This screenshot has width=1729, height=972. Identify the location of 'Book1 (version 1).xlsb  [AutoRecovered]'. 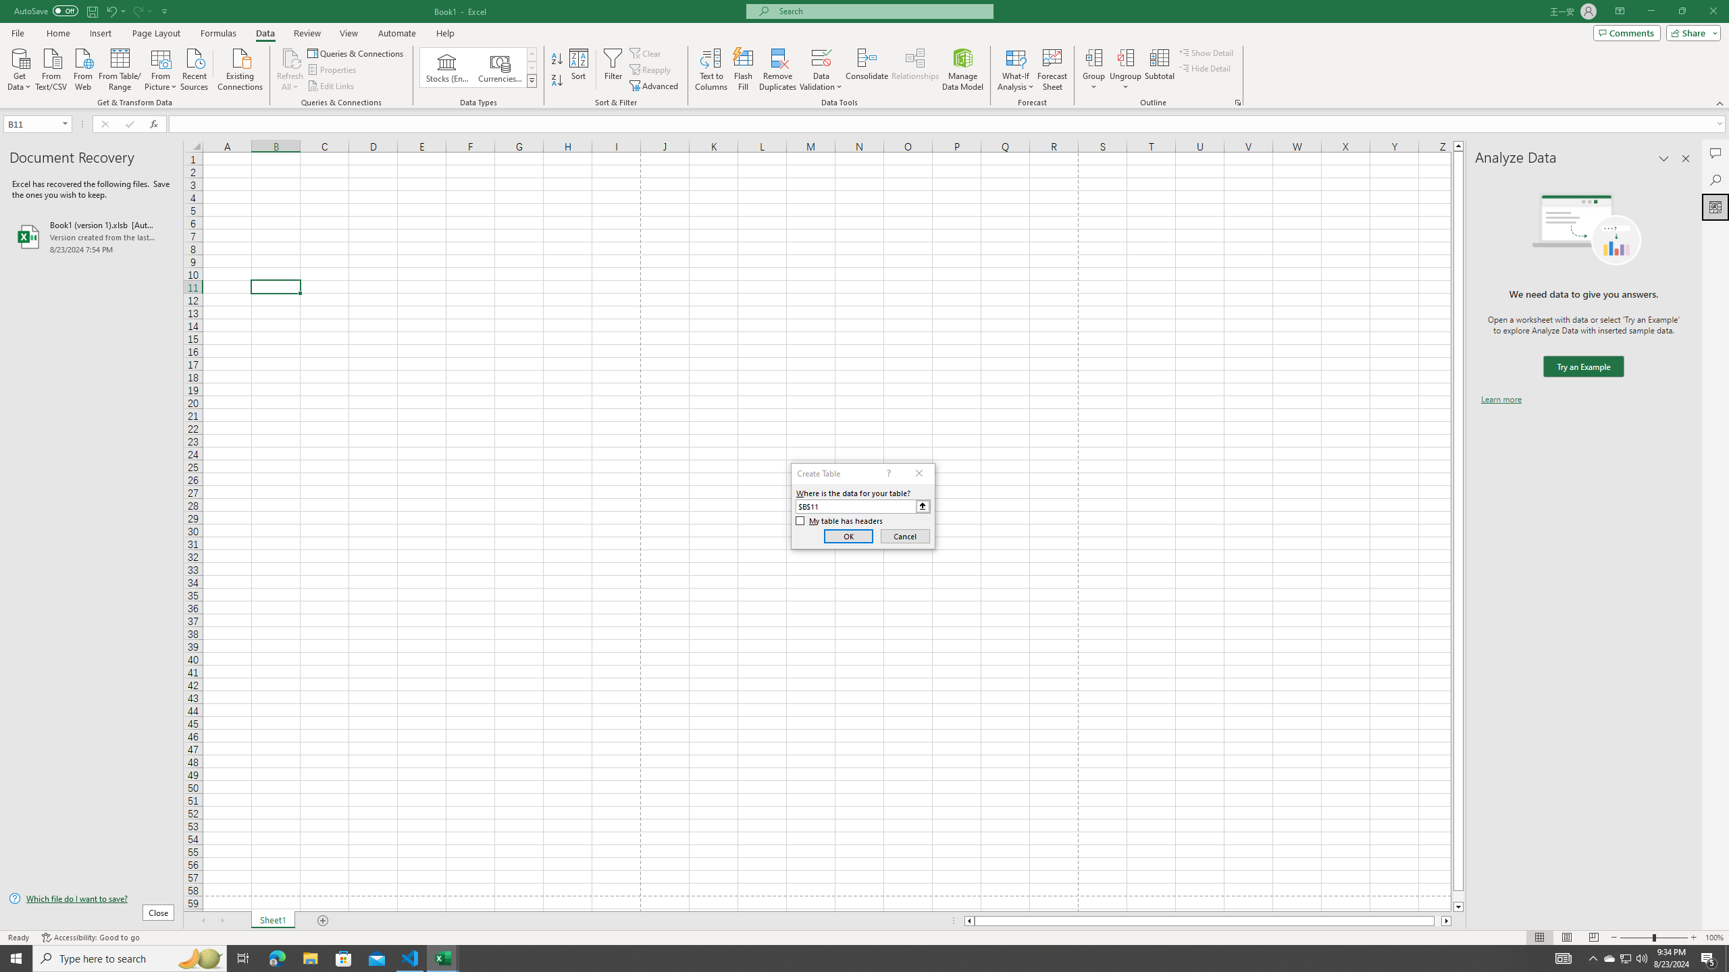
(91, 236).